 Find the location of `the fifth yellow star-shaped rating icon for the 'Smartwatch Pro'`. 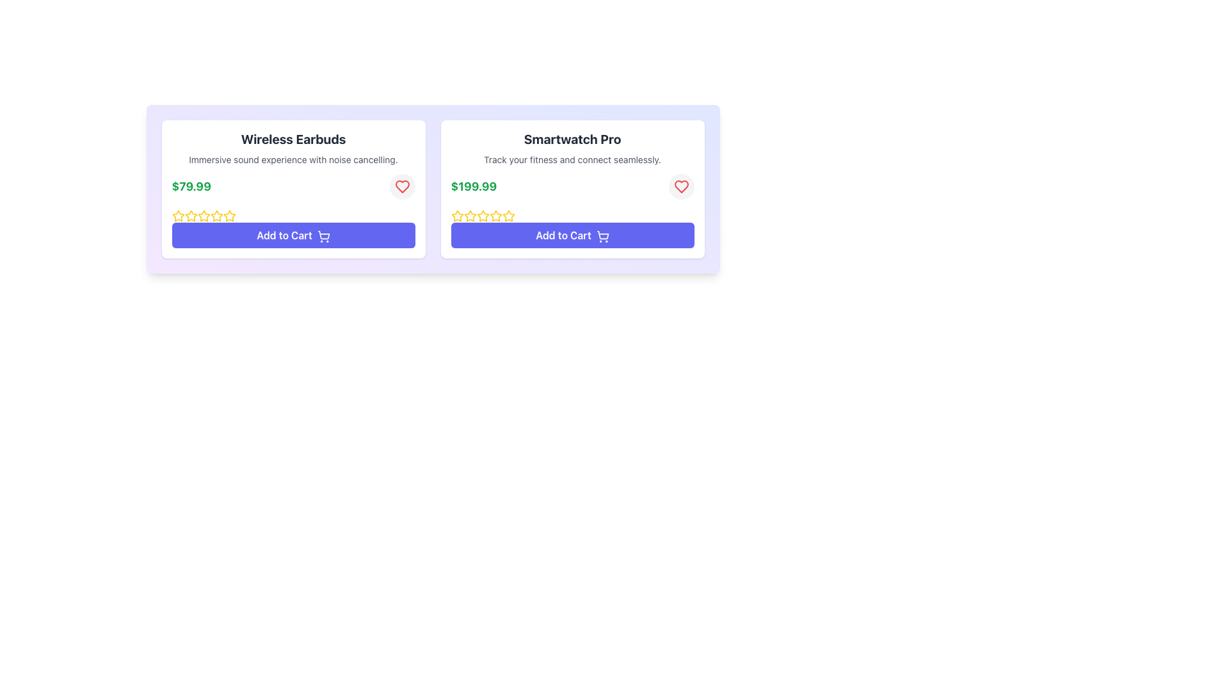

the fifth yellow star-shaped rating icon for the 'Smartwatch Pro' is located at coordinates (508, 216).